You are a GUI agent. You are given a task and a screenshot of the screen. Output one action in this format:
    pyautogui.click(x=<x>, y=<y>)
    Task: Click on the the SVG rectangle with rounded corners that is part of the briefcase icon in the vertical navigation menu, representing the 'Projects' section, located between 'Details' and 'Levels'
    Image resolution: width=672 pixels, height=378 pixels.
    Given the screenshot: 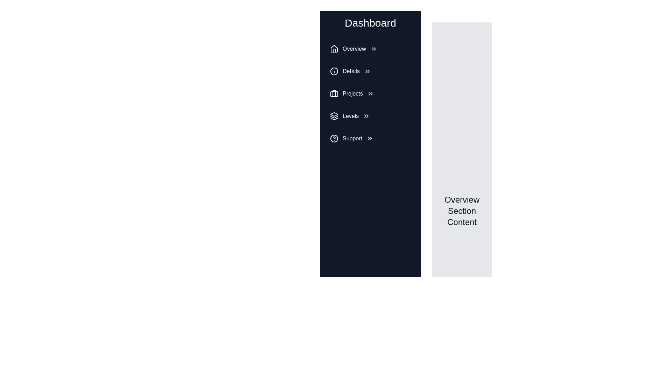 What is the action you would take?
    pyautogui.click(x=334, y=94)
    